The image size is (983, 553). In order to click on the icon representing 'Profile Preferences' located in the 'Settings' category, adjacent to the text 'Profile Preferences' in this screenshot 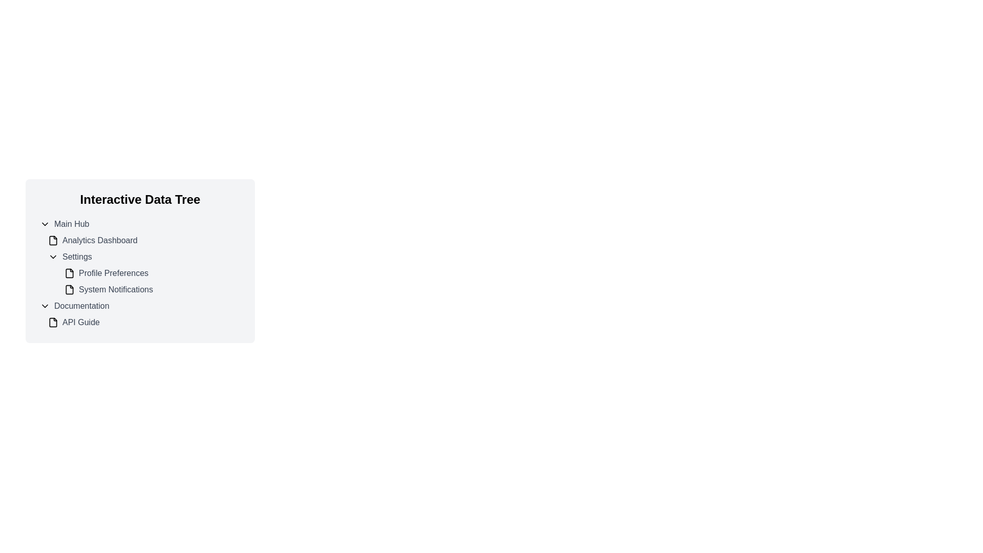, I will do `click(69, 272)`.